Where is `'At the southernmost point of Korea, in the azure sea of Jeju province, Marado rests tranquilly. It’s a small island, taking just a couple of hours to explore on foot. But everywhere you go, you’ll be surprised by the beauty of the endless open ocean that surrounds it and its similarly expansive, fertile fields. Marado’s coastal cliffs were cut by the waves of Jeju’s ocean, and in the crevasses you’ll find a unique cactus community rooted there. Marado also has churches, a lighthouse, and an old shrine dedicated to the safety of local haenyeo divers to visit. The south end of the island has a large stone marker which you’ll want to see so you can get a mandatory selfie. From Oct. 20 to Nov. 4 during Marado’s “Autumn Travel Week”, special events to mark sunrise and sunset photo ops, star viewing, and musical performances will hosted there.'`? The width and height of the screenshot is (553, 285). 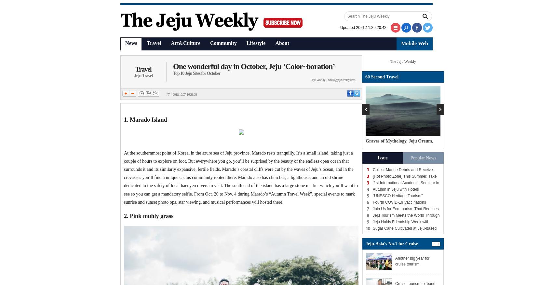 'At the southernmost point of Korea, in the azure sea of Jeju province, Marado rests tranquilly. It’s a small island, taking just a couple of hours to explore on foot. But everywhere you go, you’ll be surprised by the beauty of the endless open ocean that surrounds it and its similarly expansive, fertile fields. Marado’s coastal cliffs were cut by the waves of Jeju’s ocean, and in the crevasses you’ll find a unique cactus community rooted there. Marado also has churches, a lighthouse, and an old shrine dedicated to the safety of local haenyeo divers to visit. The south end of the island has a large stone marker which you’ll want to see so you can get a mandatory selfie. From Oct. 20 to Nov. 4 during Marado’s “Autumn Travel Week”, special events to mark sunrise and sunset photo ops, star viewing, and musical performances will hosted there.' is located at coordinates (241, 177).